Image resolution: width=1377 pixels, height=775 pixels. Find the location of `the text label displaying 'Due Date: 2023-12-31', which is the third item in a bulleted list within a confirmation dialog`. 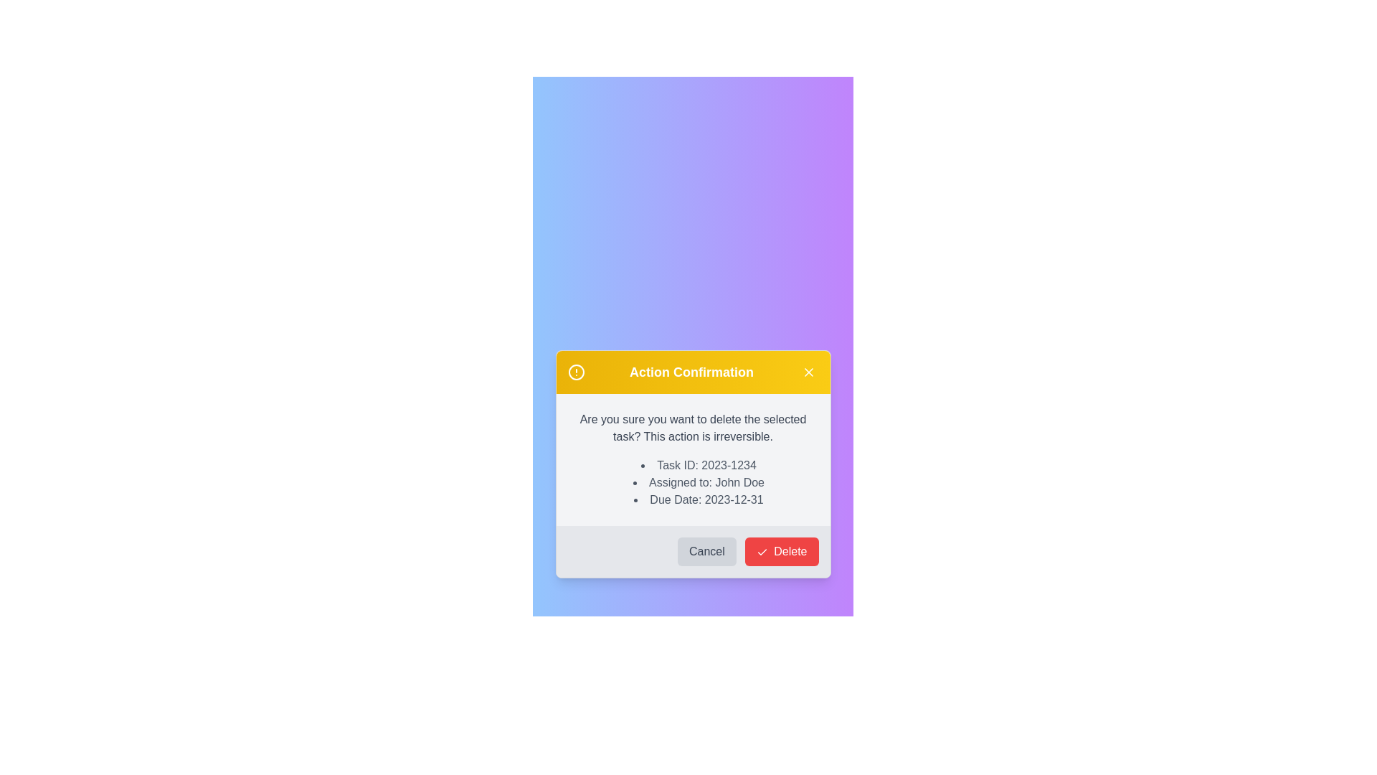

the text label displaying 'Due Date: 2023-12-31', which is the third item in a bulleted list within a confirmation dialog is located at coordinates (699, 499).